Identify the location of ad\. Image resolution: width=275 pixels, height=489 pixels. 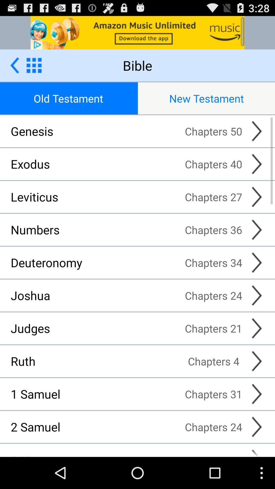
(137, 32).